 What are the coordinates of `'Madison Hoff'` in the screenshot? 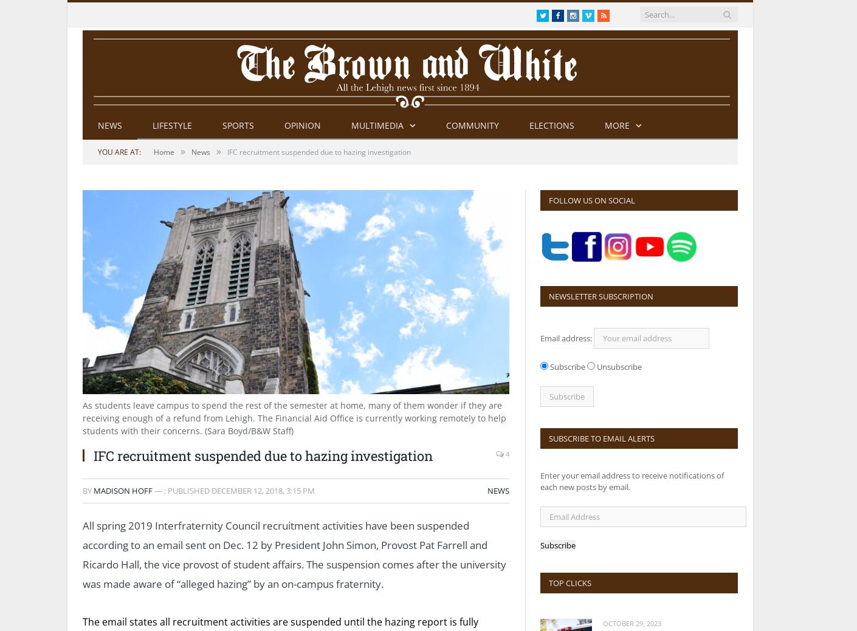 It's located at (122, 489).